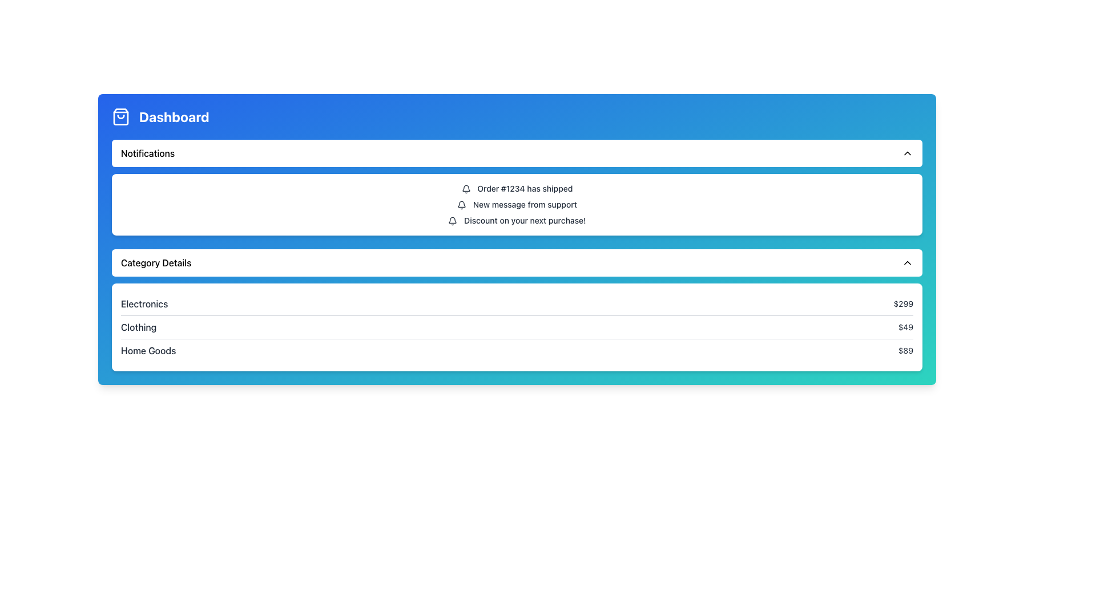 Image resolution: width=1096 pixels, height=616 pixels. I want to click on the Decorative Icon located at the top-left corner of the notification list, which symbolizes notifications and alerts, so click(452, 220).